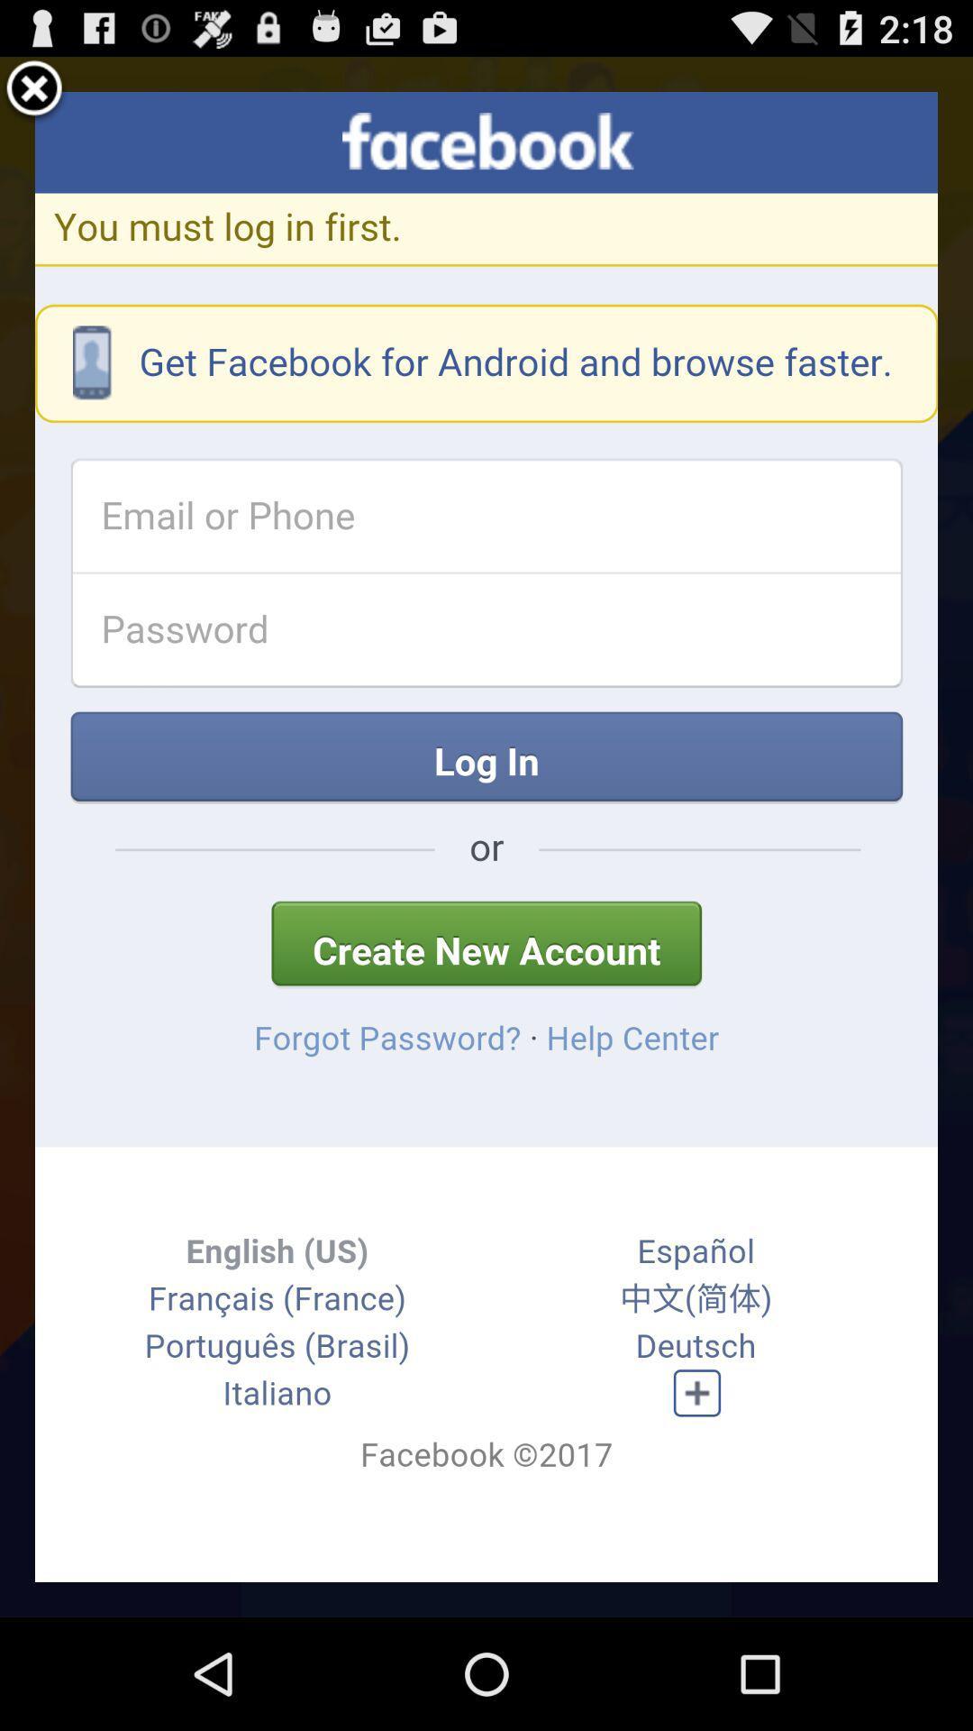  What do you see at coordinates (486, 836) in the screenshot?
I see `facebook` at bounding box center [486, 836].